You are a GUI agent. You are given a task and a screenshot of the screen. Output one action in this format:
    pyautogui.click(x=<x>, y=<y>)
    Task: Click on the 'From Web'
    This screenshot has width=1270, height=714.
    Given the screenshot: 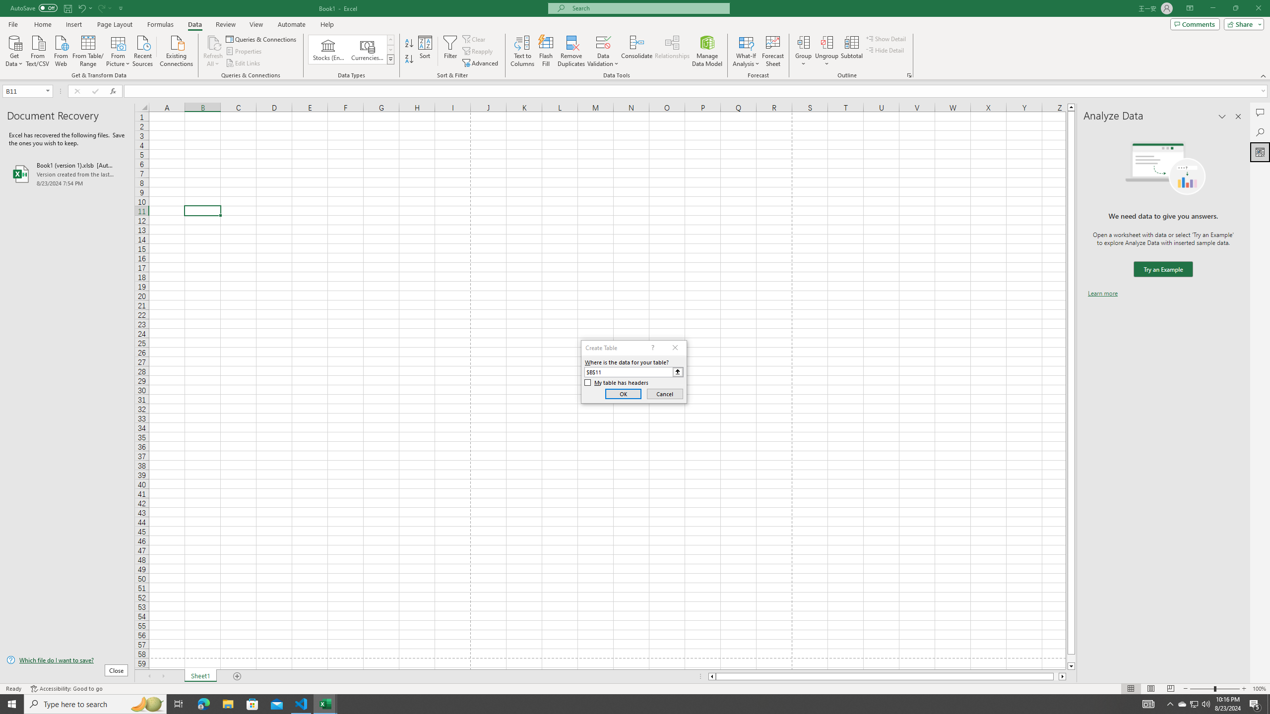 What is the action you would take?
    pyautogui.click(x=61, y=50)
    